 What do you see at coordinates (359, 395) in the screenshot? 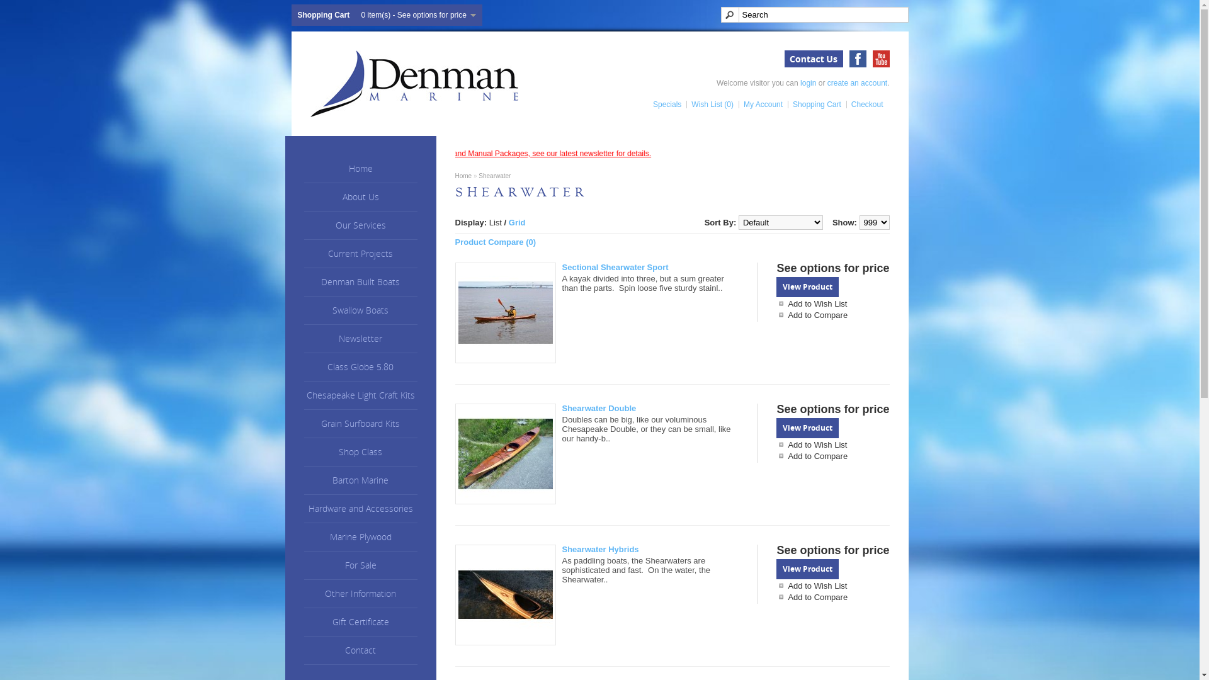
I see `'Chesapeake Light Craft Kits'` at bounding box center [359, 395].